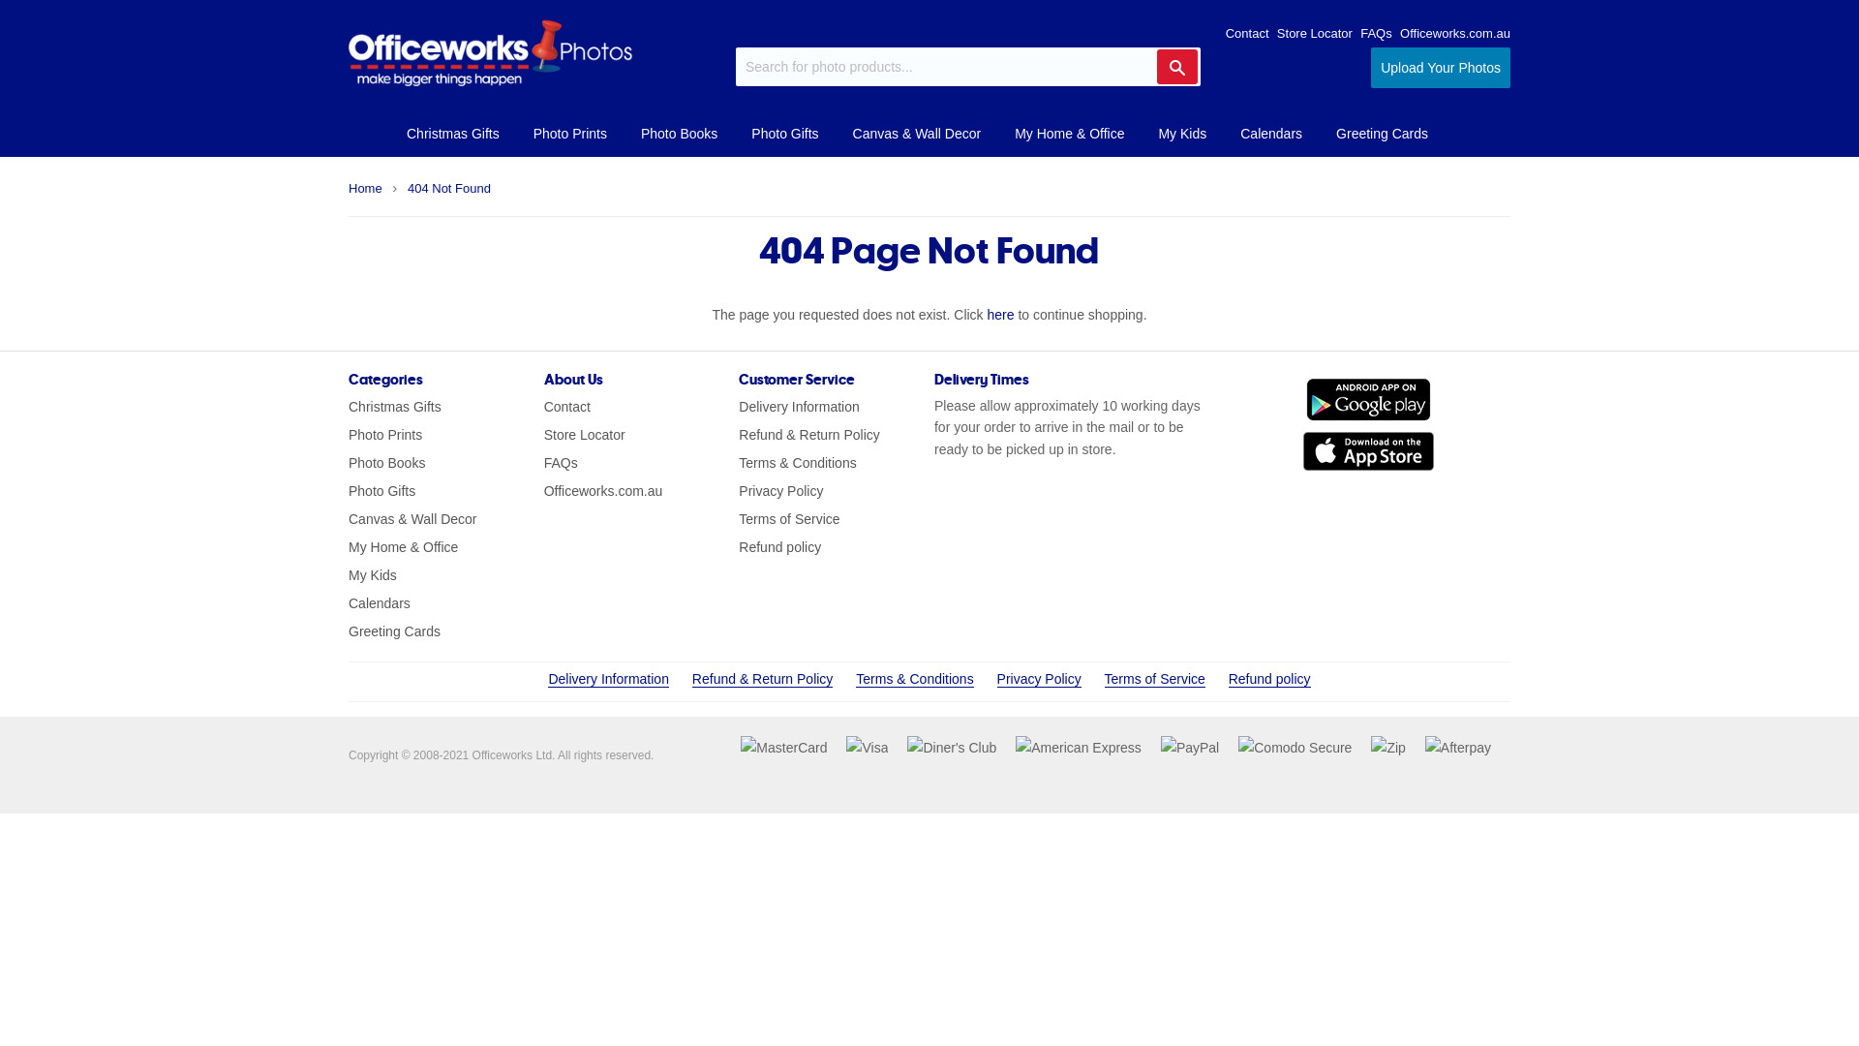 This screenshot has height=1046, width=1859. I want to click on 'Greeting Cards', so click(393, 631).